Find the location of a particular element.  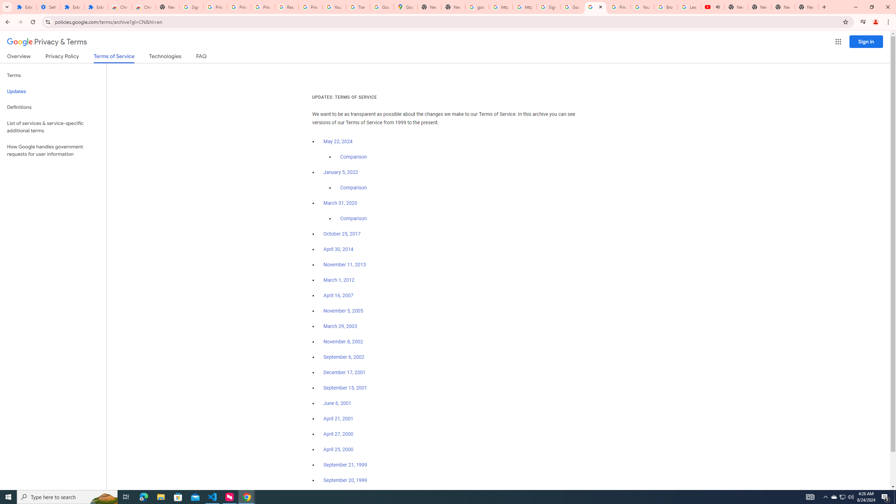

'Bookmark this tab' is located at coordinates (845, 21).